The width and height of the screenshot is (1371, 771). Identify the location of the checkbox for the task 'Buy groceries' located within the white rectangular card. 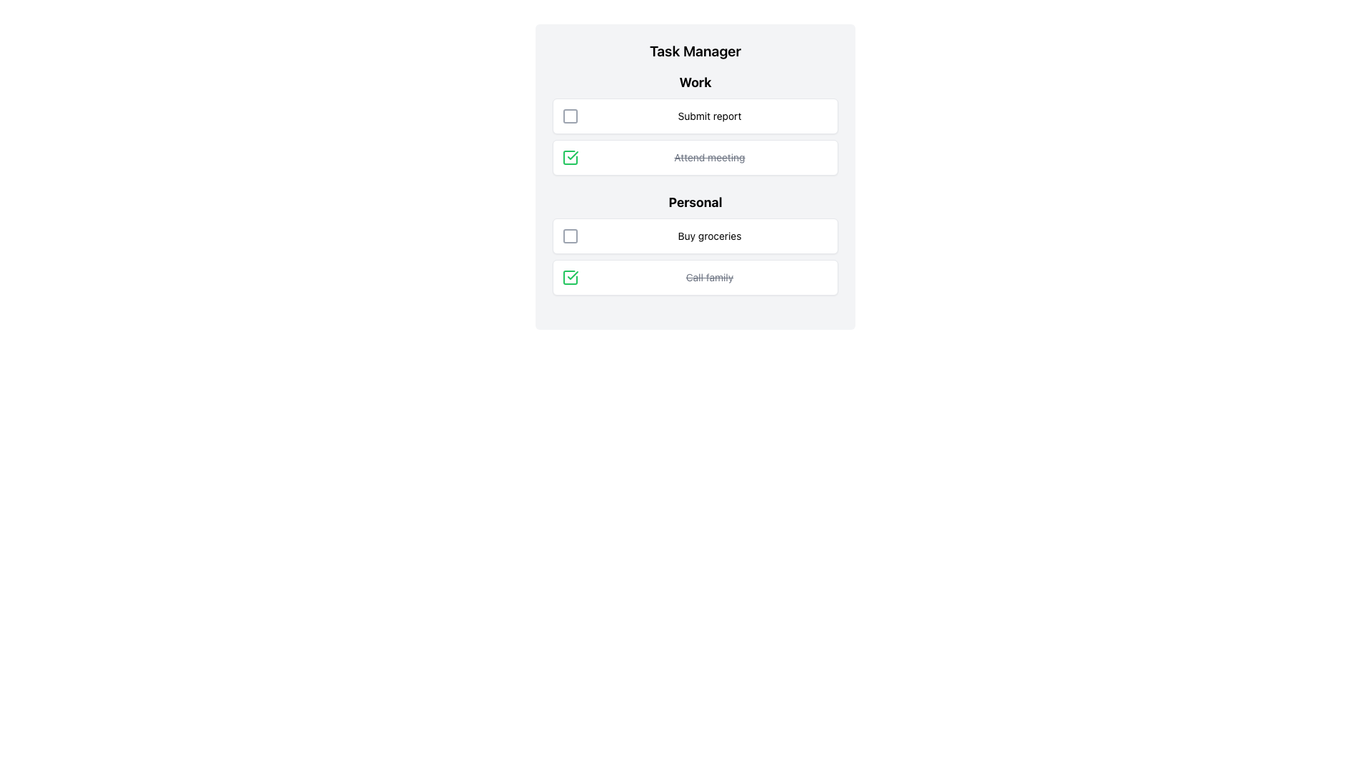
(569, 236).